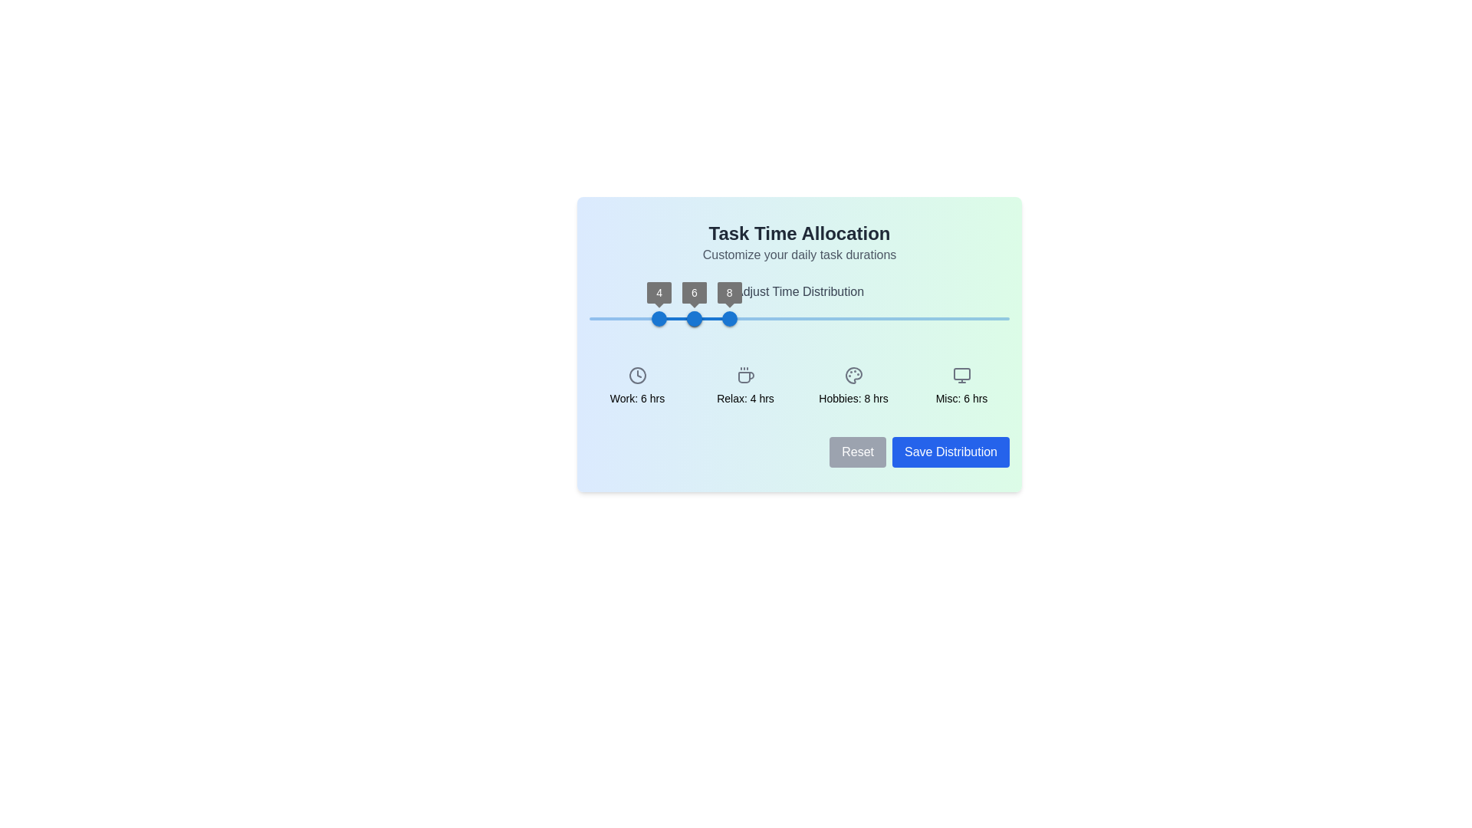  What do you see at coordinates (798, 343) in the screenshot?
I see `the sliders in the Interactive panel labeled 'Task Time Allocation'` at bounding box center [798, 343].